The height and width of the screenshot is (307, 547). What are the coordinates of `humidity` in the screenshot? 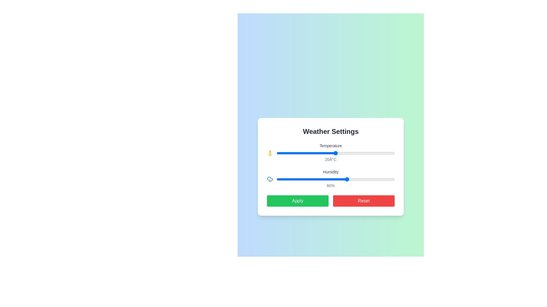 It's located at (280, 179).